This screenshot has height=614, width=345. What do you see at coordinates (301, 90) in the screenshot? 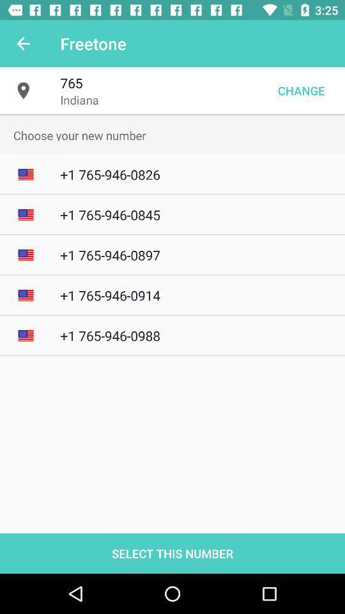
I see `the item to the right of the indiana` at bounding box center [301, 90].